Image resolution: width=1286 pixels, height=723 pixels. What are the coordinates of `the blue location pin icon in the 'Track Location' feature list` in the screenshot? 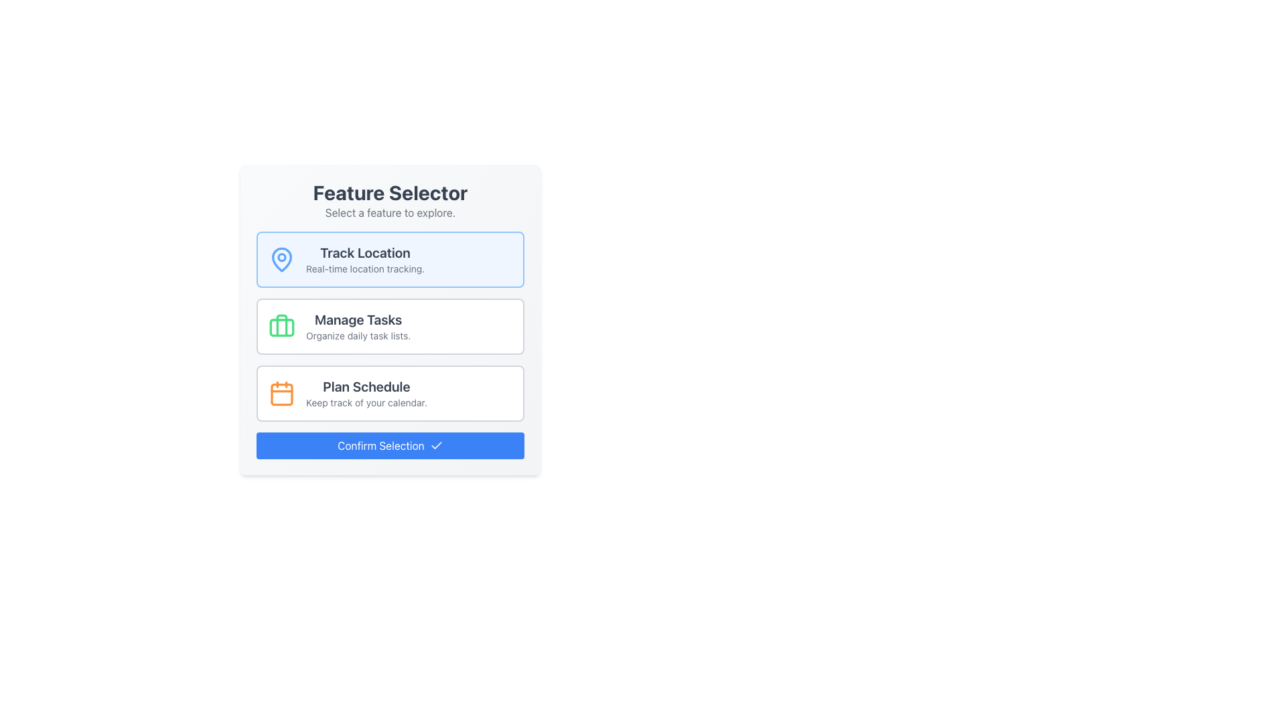 It's located at (281, 258).